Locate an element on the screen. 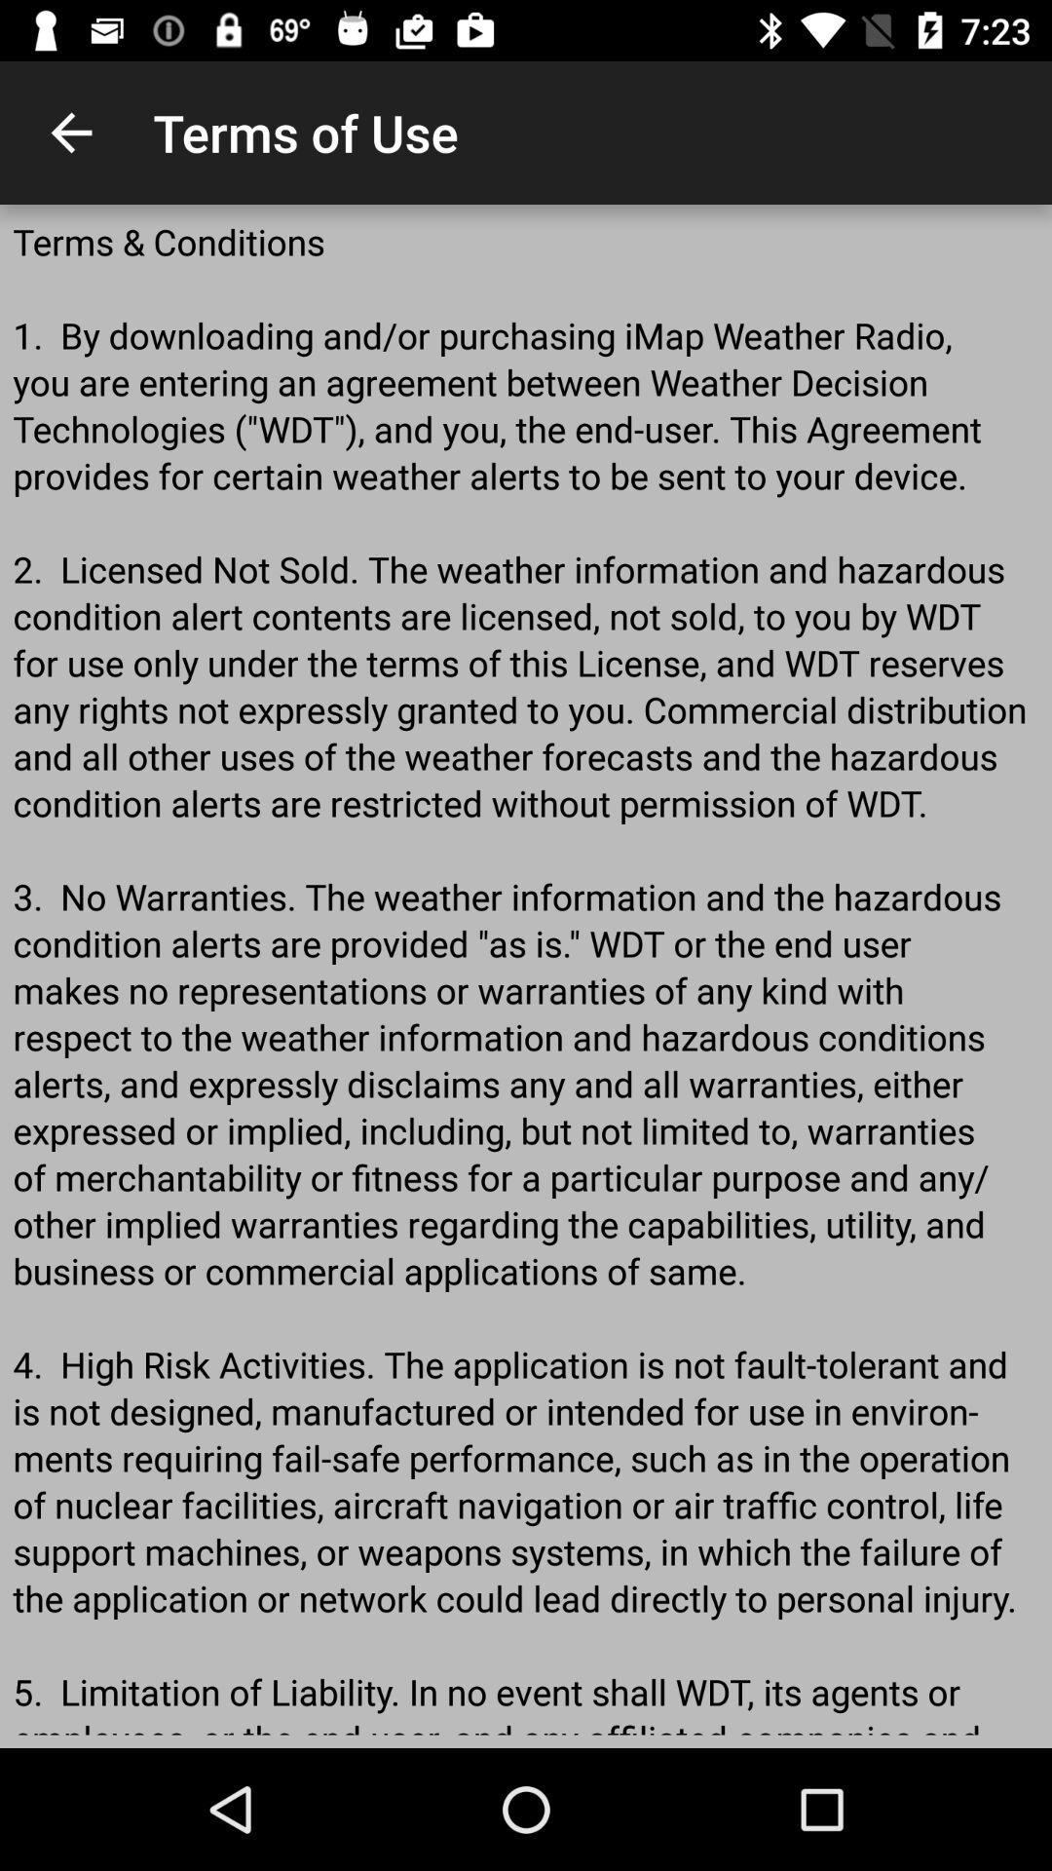 The image size is (1052, 1871). the item above the terms conditions 1 item is located at coordinates (70, 132).